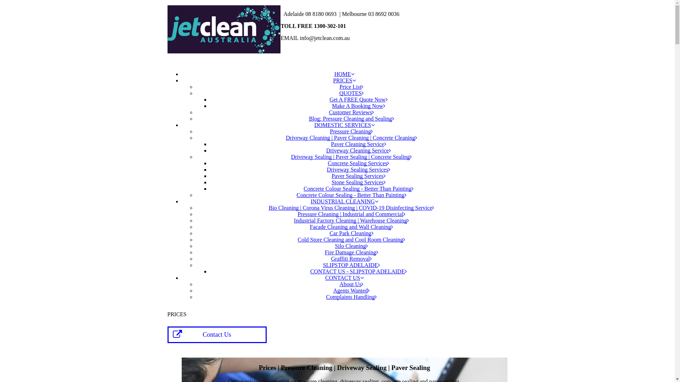  What do you see at coordinates (351, 220) in the screenshot?
I see `'Industrial Factory Cleaning | Warehouse Cleaning'` at bounding box center [351, 220].